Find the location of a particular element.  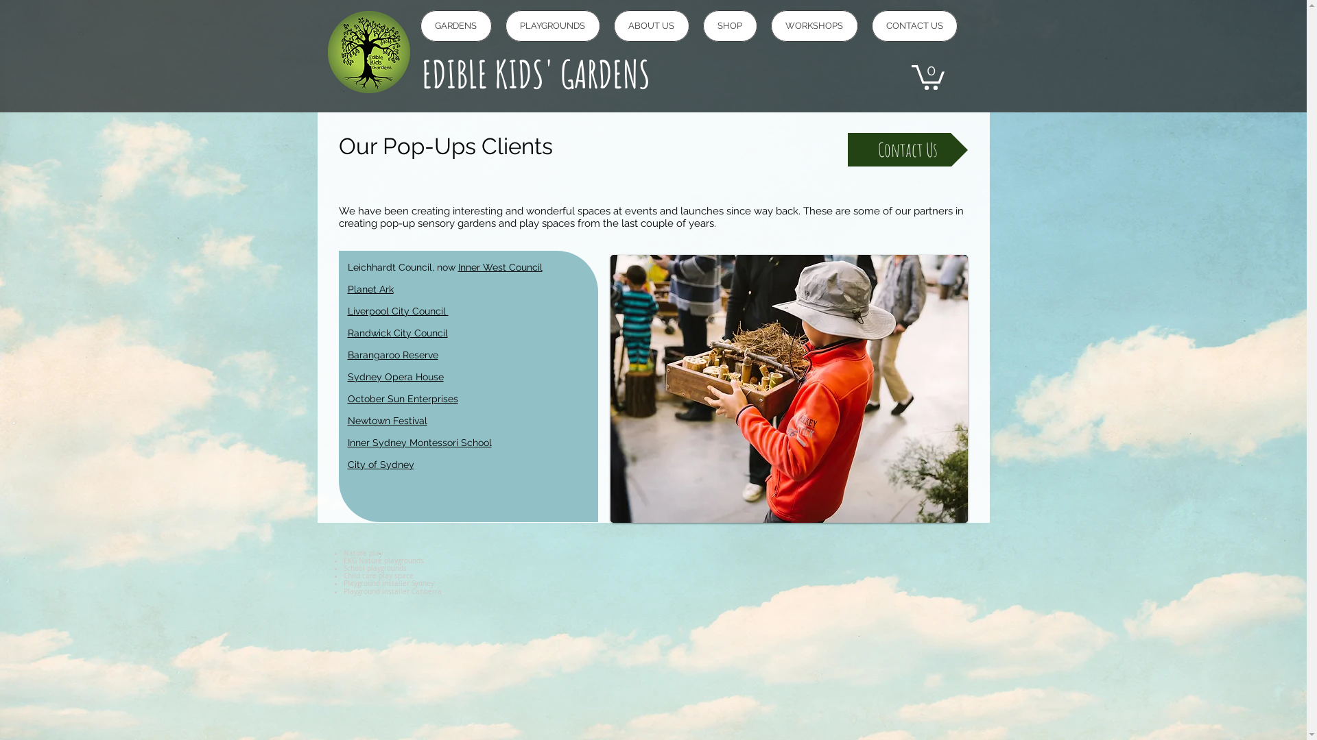

'WORKSHOPS' is located at coordinates (814, 26).